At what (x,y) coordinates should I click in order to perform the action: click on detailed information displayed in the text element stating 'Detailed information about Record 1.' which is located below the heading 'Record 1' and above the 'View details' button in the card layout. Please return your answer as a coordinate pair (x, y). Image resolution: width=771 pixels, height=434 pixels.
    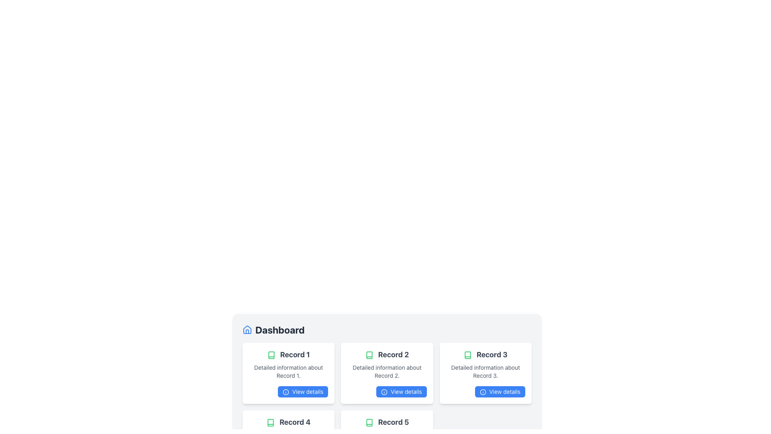
    Looking at the image, I should click on (288, 372).